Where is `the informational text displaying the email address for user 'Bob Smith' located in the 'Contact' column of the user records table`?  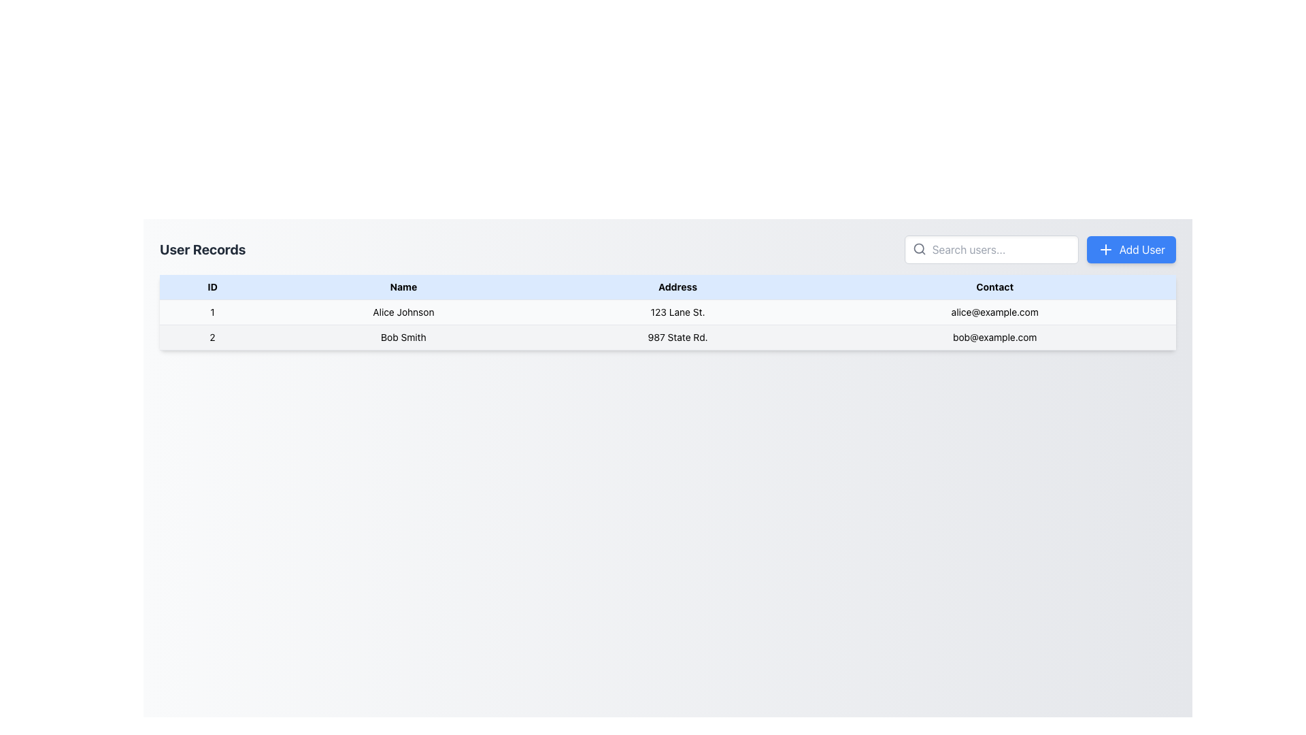
the informational text displaying the email address for user 'Bob Smith' located in the 'Contact' column of the user records table is located at coordinates (994, 337).